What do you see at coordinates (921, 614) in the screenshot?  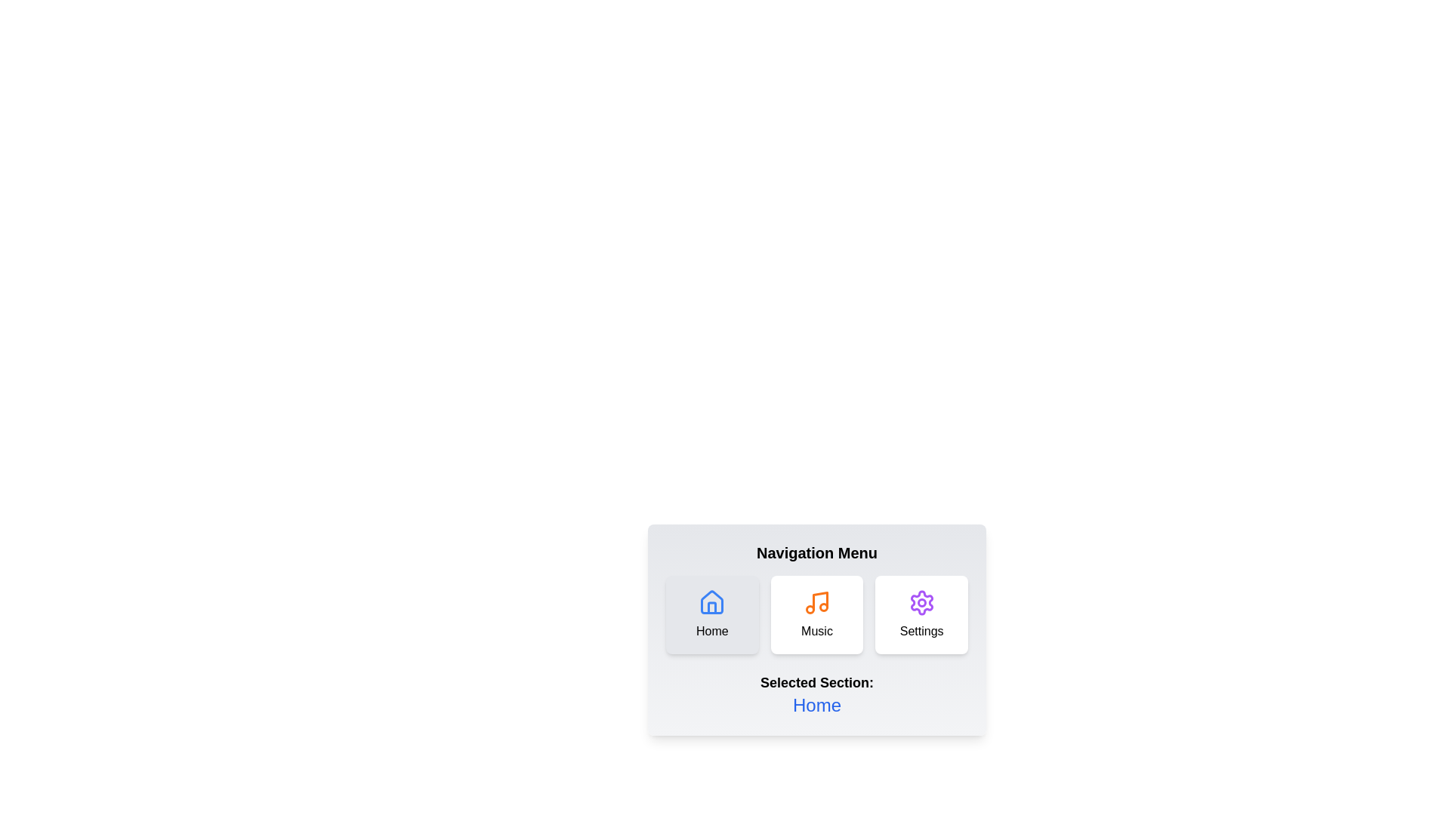 I see `the Settings button to navigate to the corresponding section` at bounding box center [921, 614].